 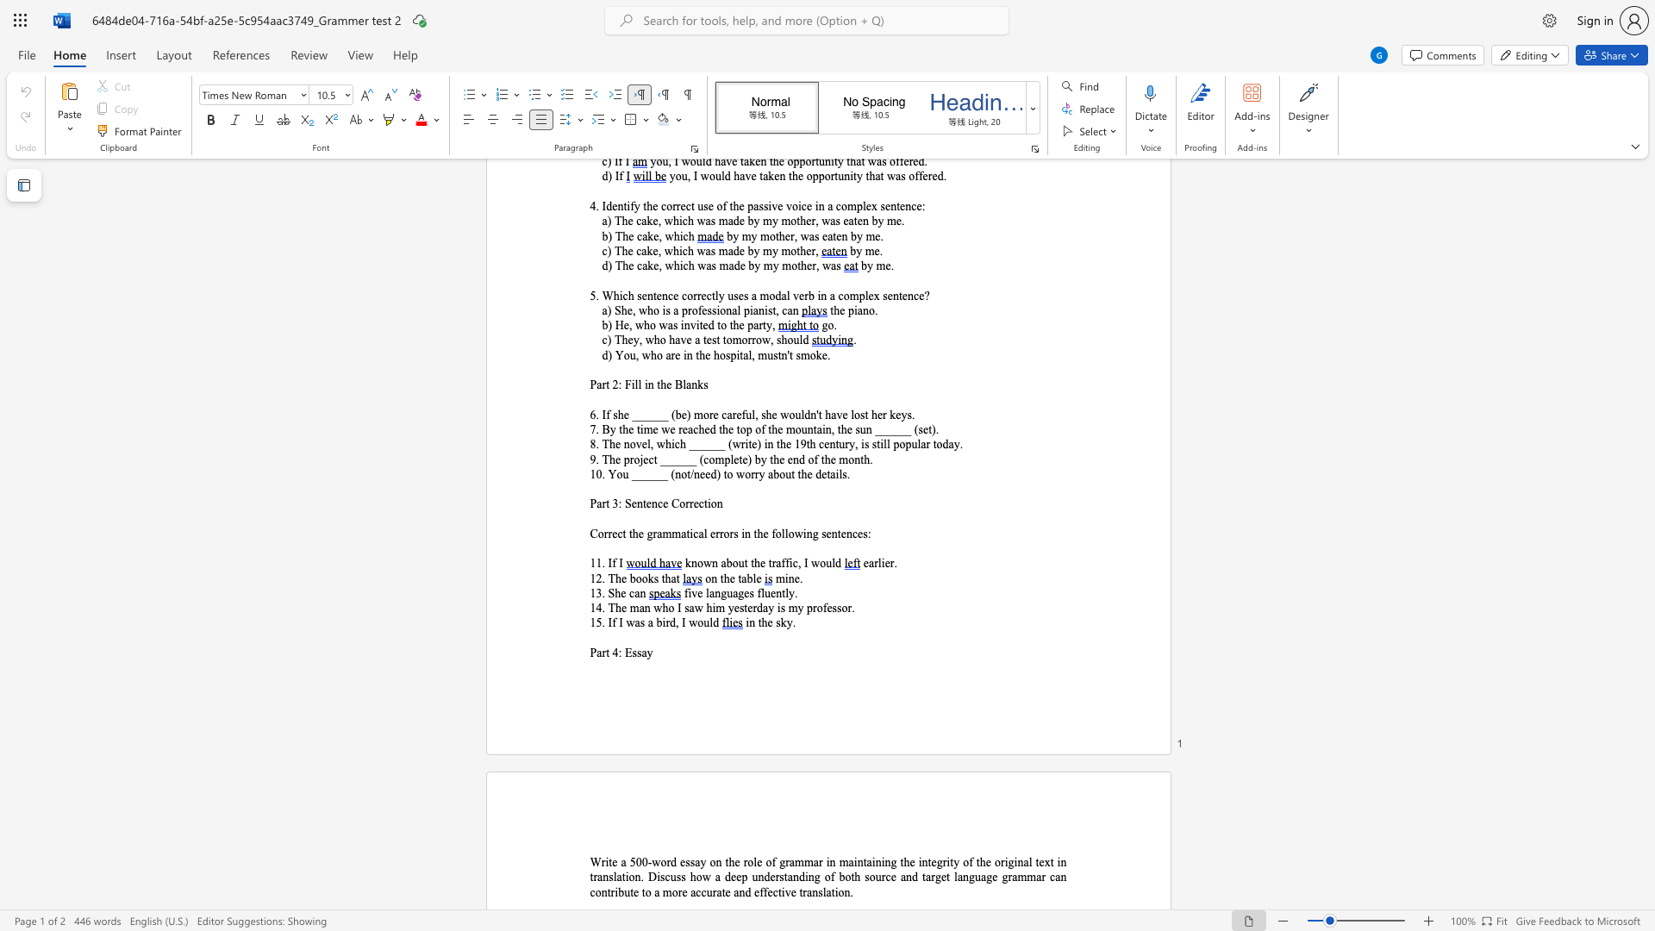 I want to click on the space between the continuous character "g" and "e" in the text, so click(x=744, y=592).